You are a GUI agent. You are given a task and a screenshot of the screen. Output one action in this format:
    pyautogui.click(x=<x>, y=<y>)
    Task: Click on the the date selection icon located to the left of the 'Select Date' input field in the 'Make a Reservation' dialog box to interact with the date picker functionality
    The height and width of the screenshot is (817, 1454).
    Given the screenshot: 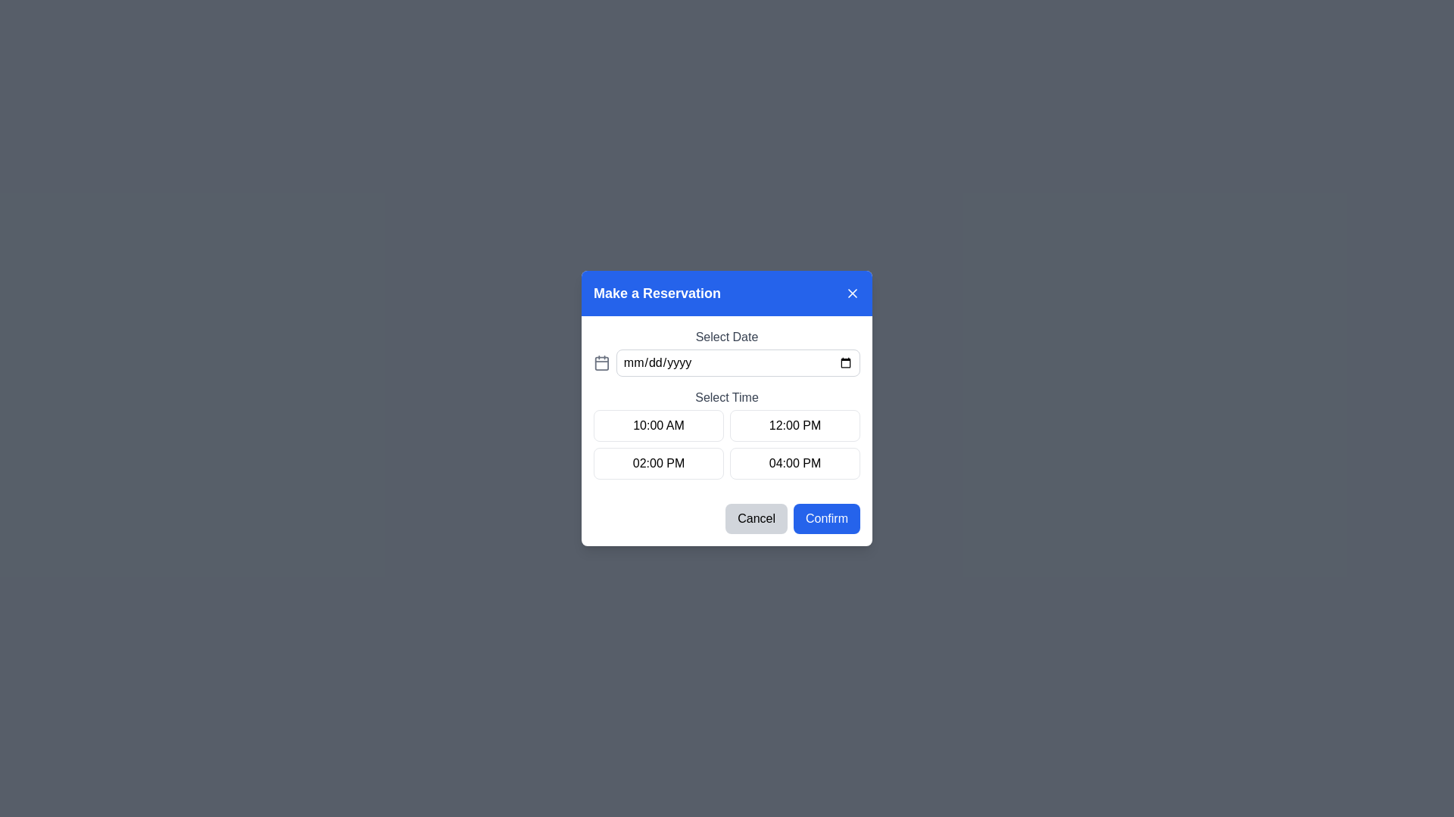 What is the action you would take?
    pyautogui.click(x=601, y=362)
    